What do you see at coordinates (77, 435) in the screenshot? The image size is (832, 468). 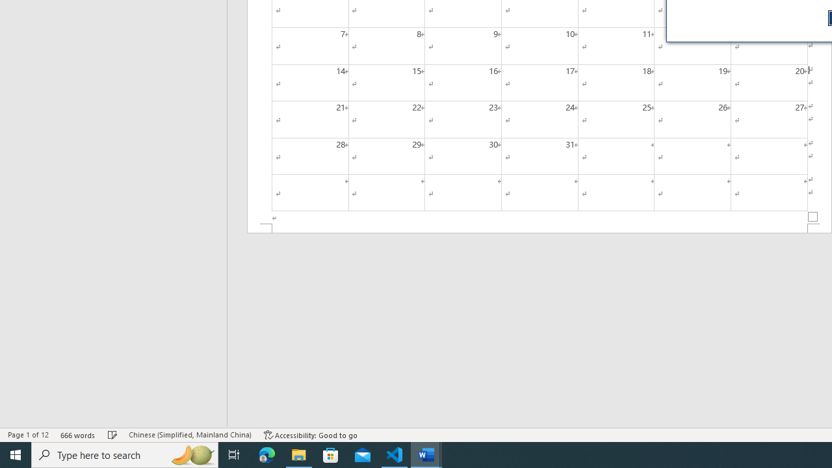 I see `'Word Count 666 words'` at bounding box center [77, 435].